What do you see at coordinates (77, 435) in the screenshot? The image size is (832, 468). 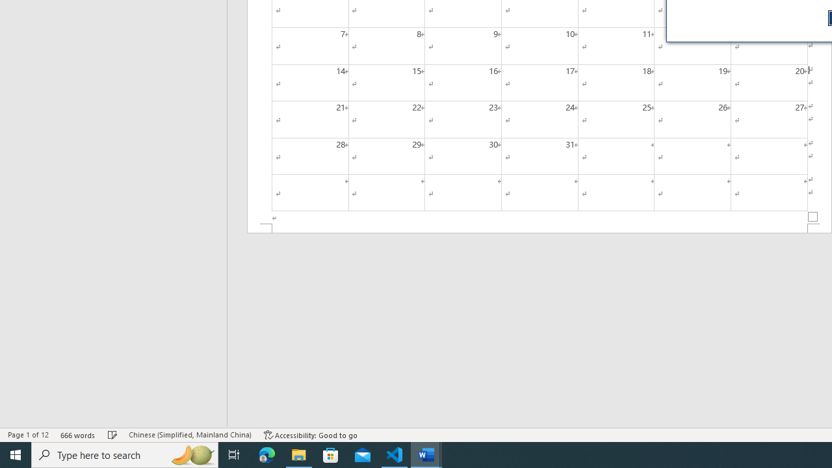 I see `'Word Count 666 words'` at bounding box center [77, 435].